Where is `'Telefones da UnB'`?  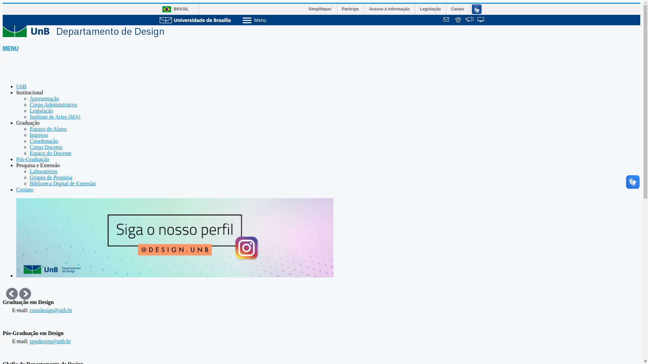
'Telefones da UnB' is located at coordinates (458, 20).